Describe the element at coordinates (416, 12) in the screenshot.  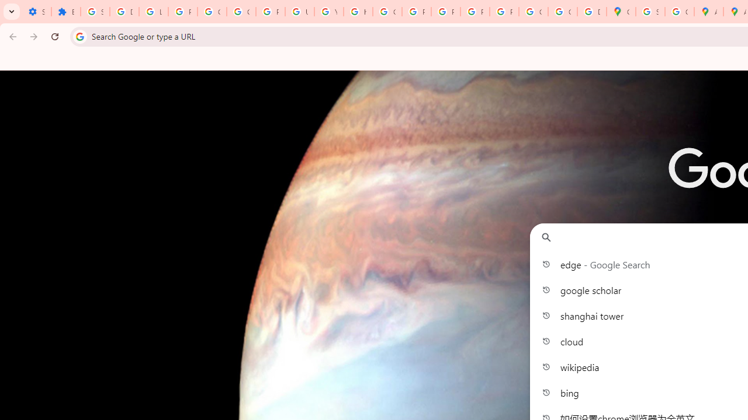
I see `'Privacy Help Center - Policies Help'` at that location.